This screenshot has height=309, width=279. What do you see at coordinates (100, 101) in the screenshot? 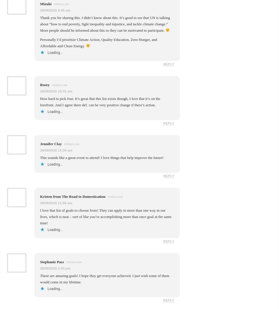
I see `'How hard to pick four. It’s great that this list exists though, I love that it’s on the forefront. And I agree there def. can be very positive change if there’s action.'` at bounding box center [100, 101].